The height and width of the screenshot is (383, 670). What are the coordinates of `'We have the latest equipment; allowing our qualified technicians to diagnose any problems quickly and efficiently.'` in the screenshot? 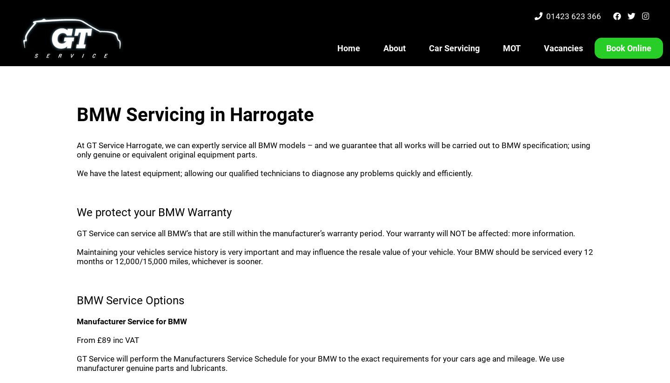 It's located at (275, 173).